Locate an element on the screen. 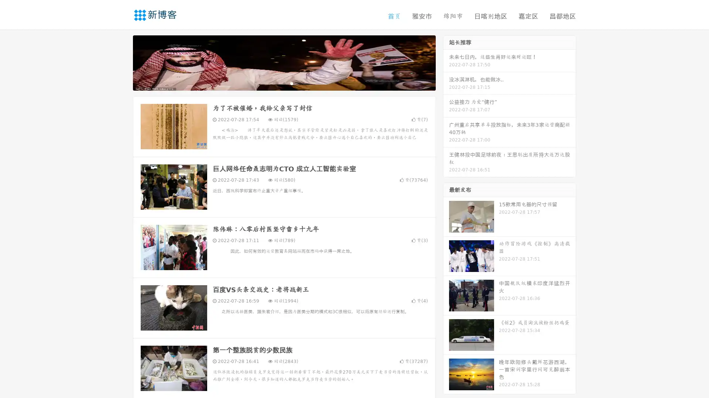  Previous slide is located at coordinates (122, 62).